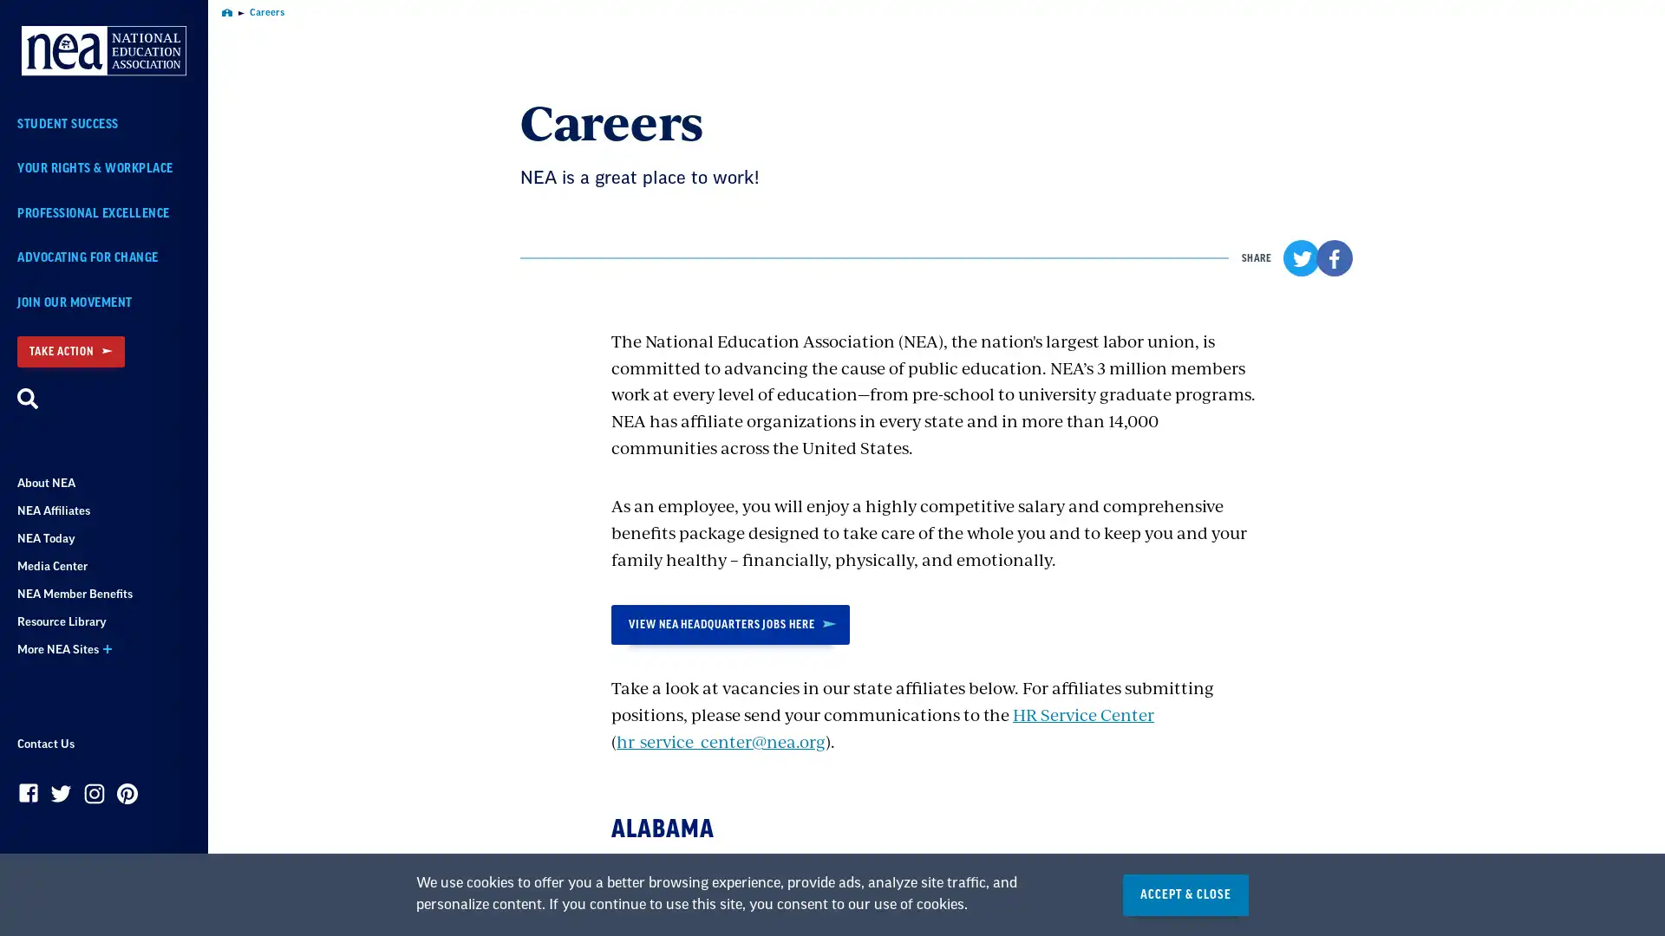  Describe the element at coordinates (1185, 894) in the screenshot. I see `ACCEPT & CLOSE` at that location.